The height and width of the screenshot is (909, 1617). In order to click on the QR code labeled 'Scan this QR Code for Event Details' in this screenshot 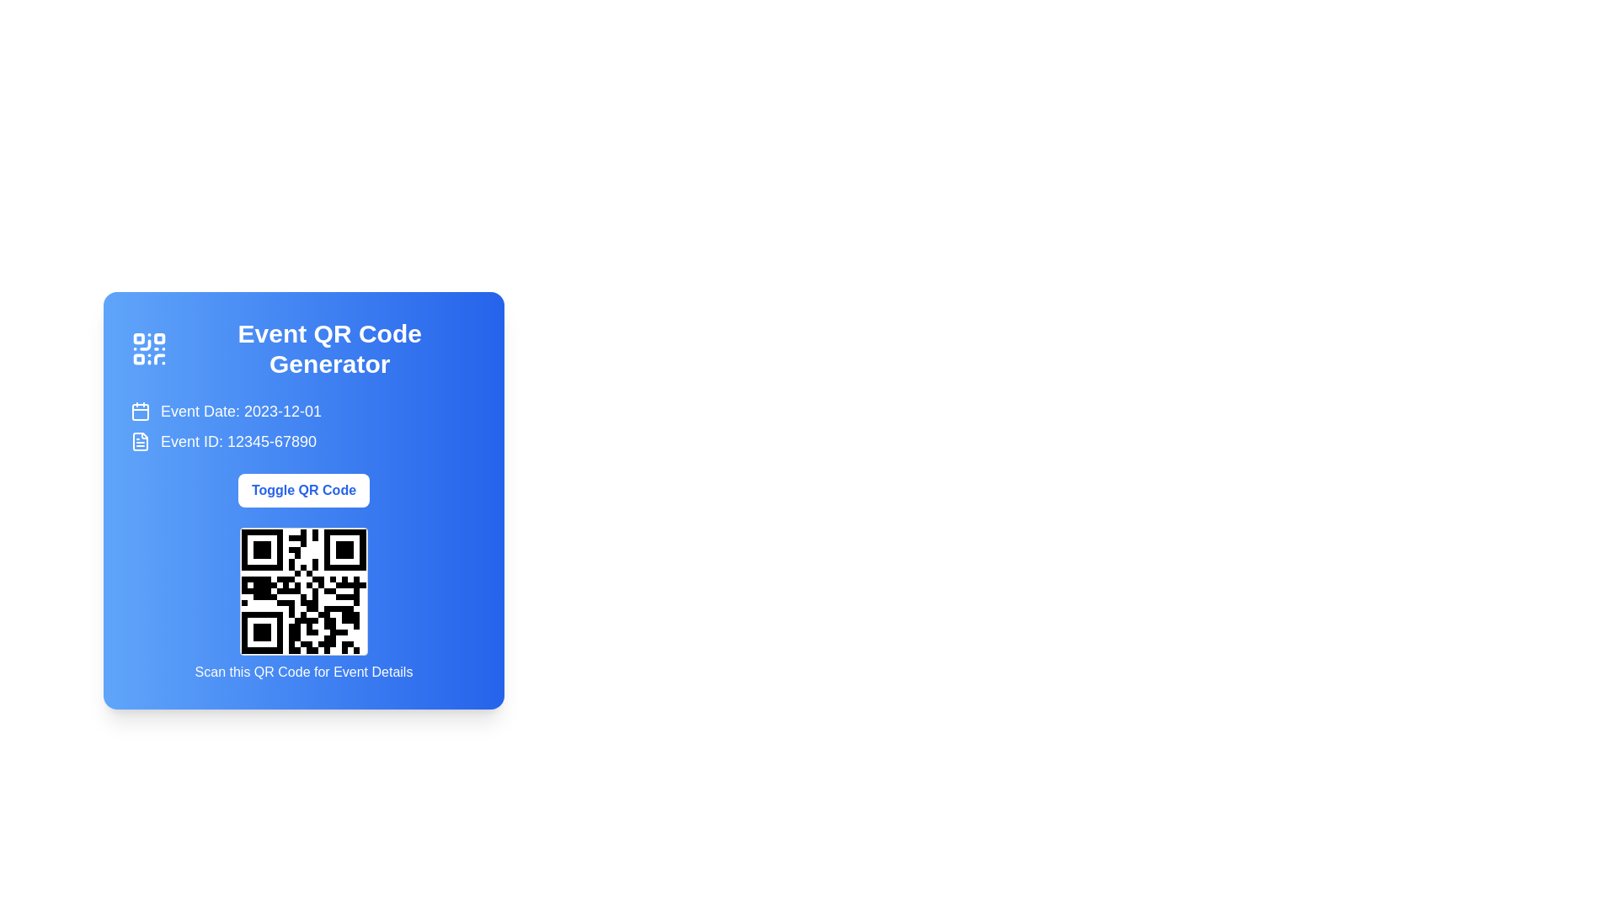, I will do `click(303, 603)`.